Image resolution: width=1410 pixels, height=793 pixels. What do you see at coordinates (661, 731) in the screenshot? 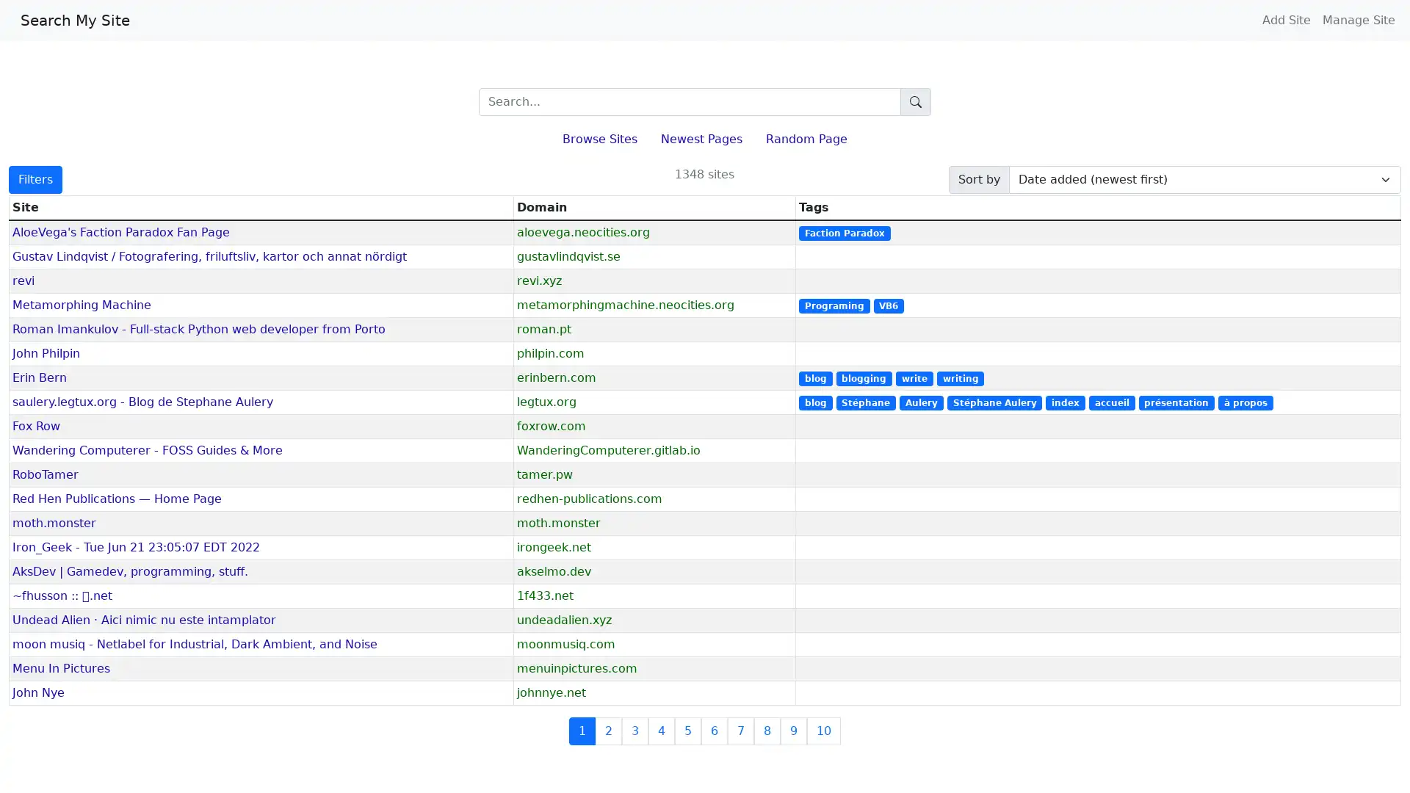
I see `4` at bounding box center [661, 731].